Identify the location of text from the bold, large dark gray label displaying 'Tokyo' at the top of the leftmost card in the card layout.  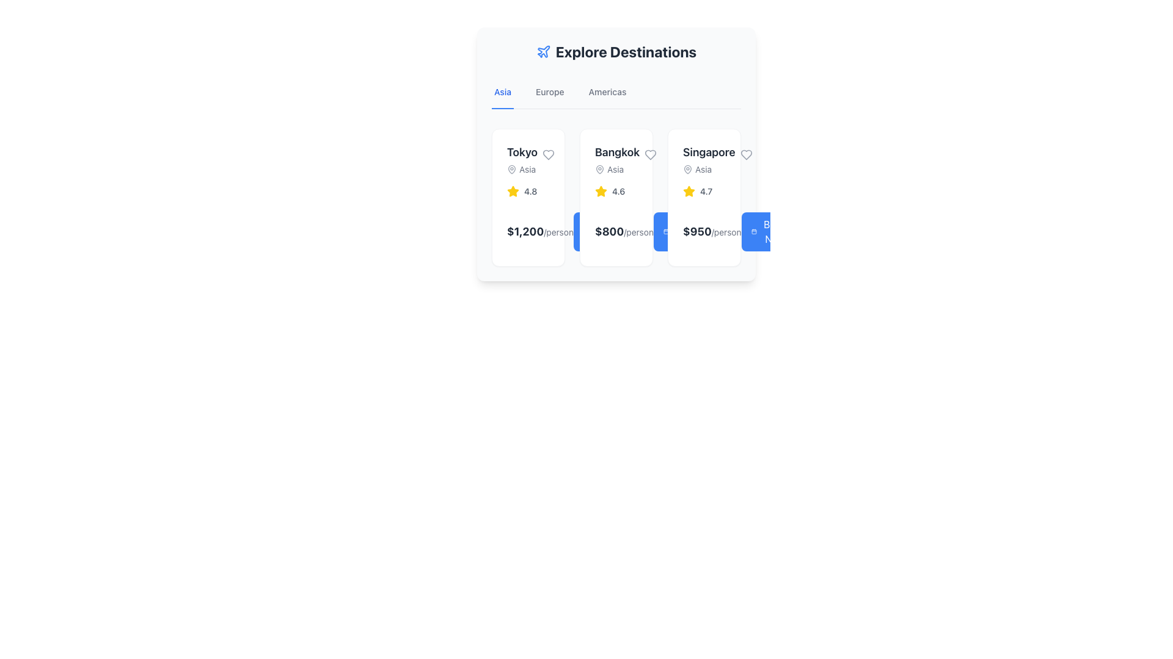
(522, 152).